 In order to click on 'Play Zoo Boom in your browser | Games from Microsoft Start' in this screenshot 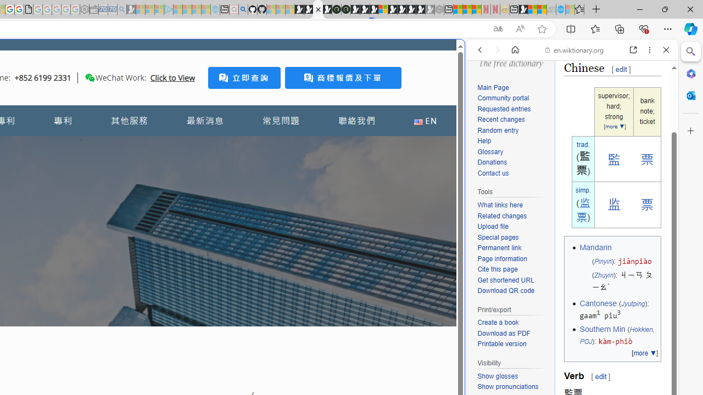, I will do `click(308, 9)`.